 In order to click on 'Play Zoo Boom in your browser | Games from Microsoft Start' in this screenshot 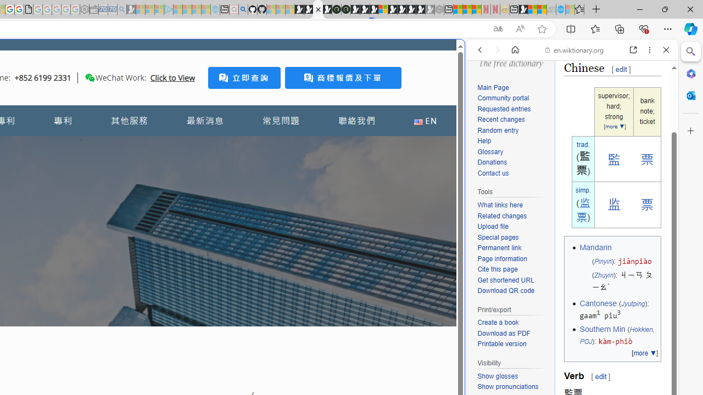, I will do `click(308, 9)`.